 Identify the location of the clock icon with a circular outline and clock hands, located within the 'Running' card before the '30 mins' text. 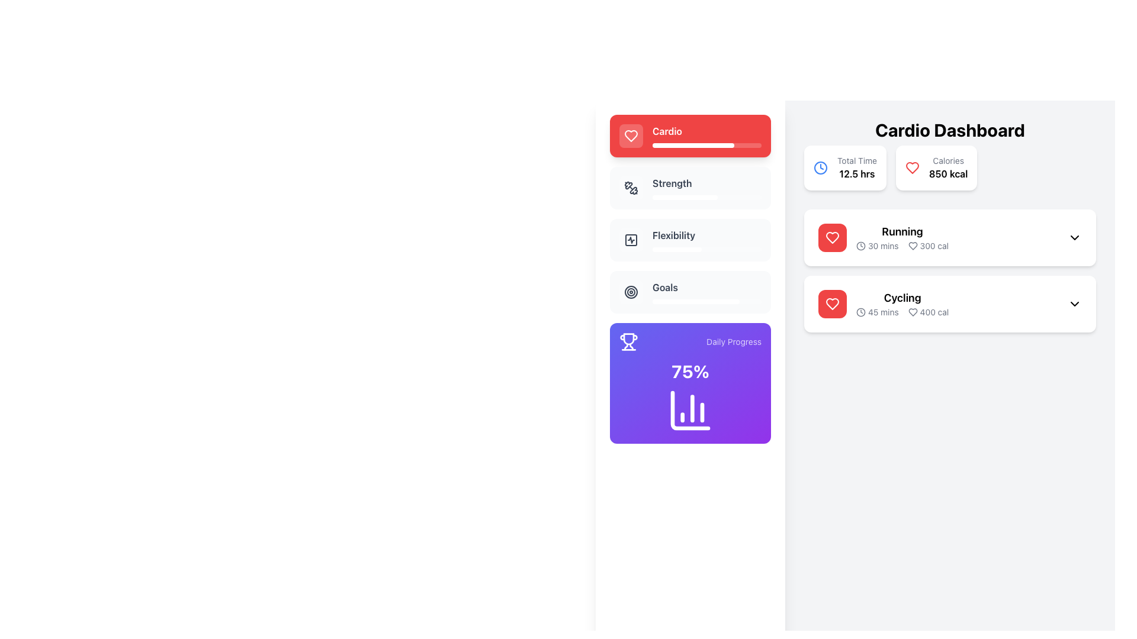
(861, 246).